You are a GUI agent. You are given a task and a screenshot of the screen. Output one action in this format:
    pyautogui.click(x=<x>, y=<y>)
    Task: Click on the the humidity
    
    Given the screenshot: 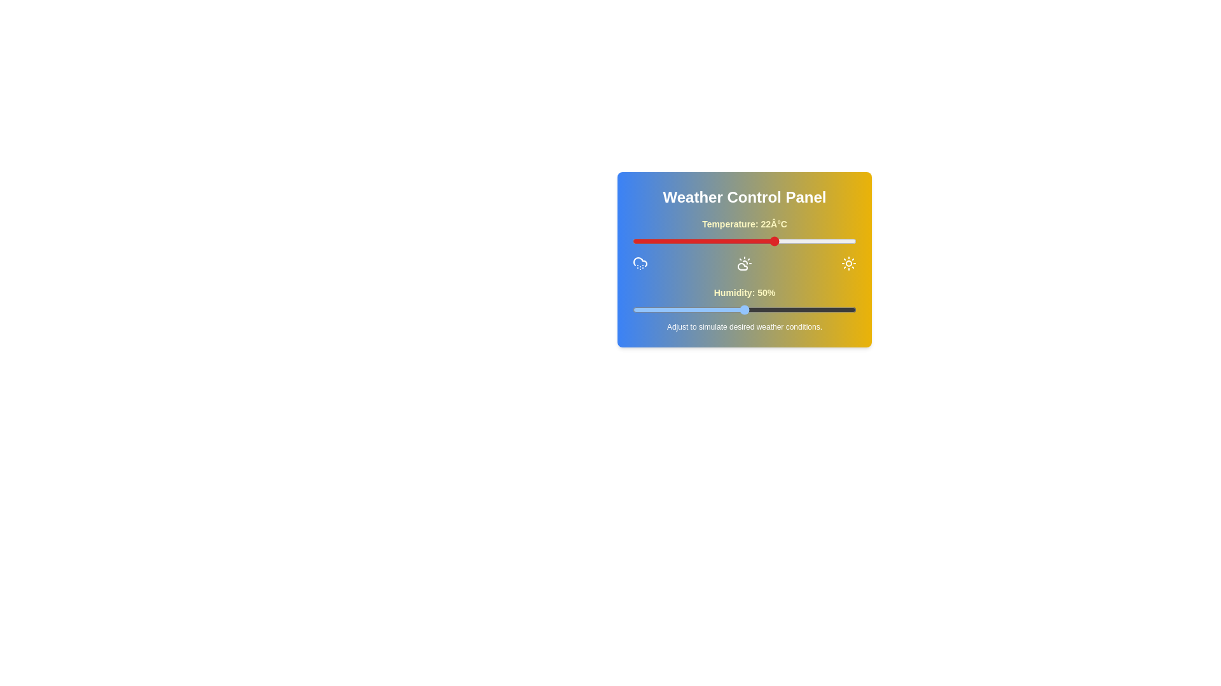 What is the action you would take?
    pyautogui.click(x=760, y=310)
    